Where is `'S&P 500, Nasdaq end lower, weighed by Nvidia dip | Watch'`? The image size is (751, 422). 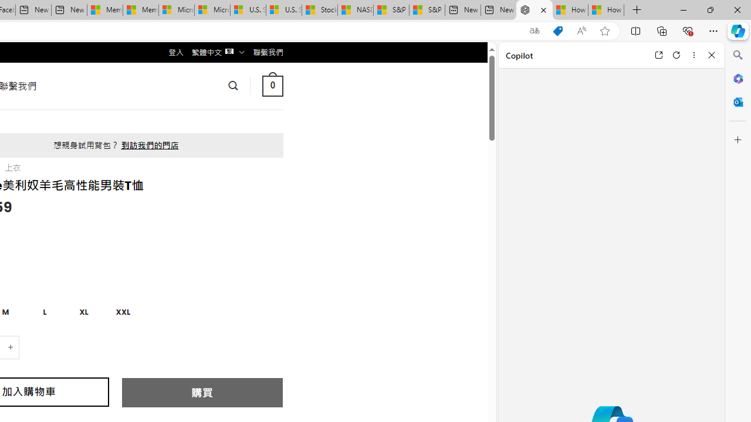
'S&P 500, Nasdaq end lower, weighed by Nvidia dip | Watch' is located at coordinates (426, 10).